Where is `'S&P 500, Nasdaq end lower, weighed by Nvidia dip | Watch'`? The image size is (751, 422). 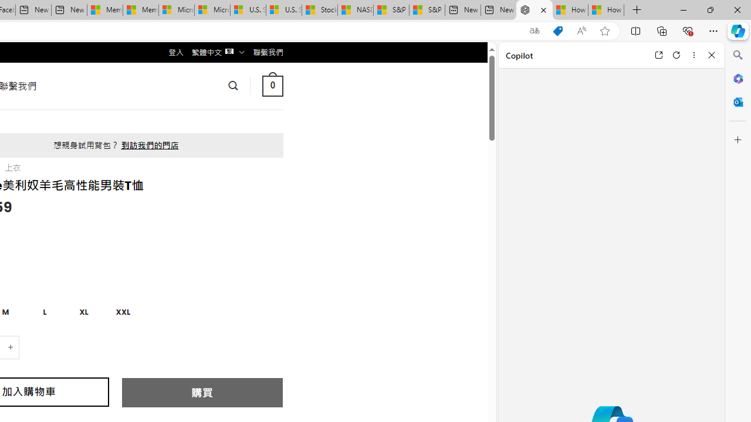
'S&P 500, Nasdaq end lower, weighed by Nvidia dip | Watch' is located at coordinates (426, 10).